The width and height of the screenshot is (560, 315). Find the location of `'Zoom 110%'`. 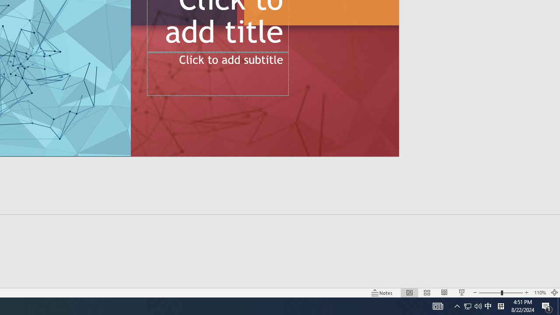

'Zoom 110%' is located at coordinates (539, 293).